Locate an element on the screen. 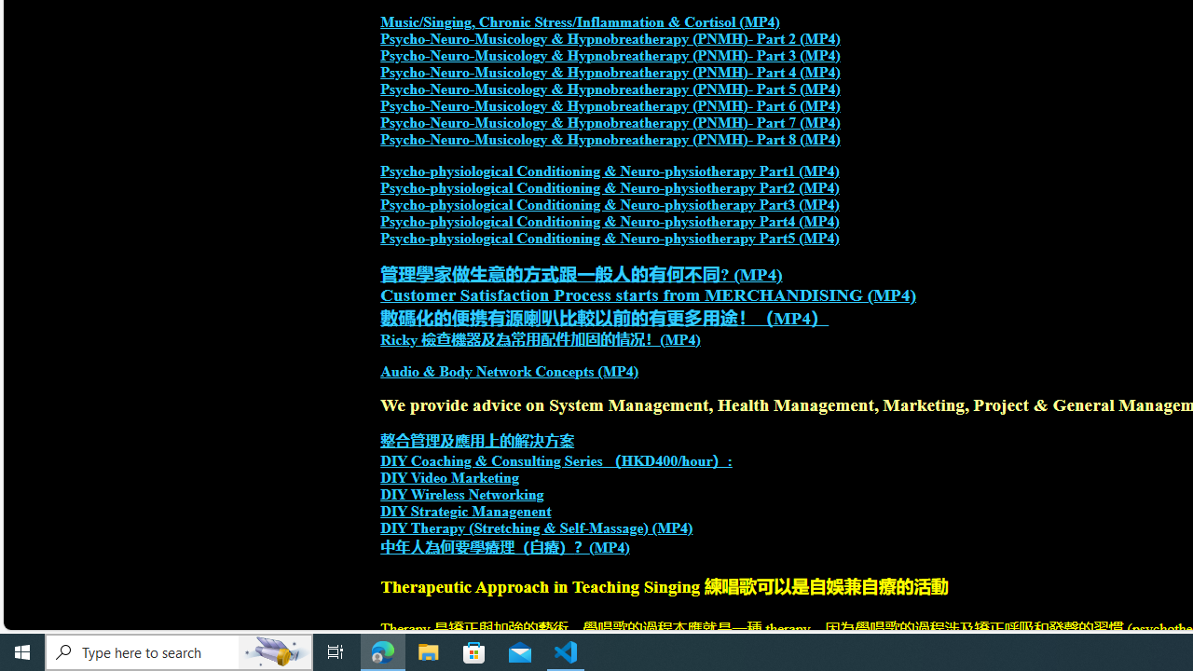 The height and width of the screenshot is (671, 1193). 'Music/Singing, Chronic Stress/Inflammation & Cortisol (MP4)' is located at coordinates (579, 22).